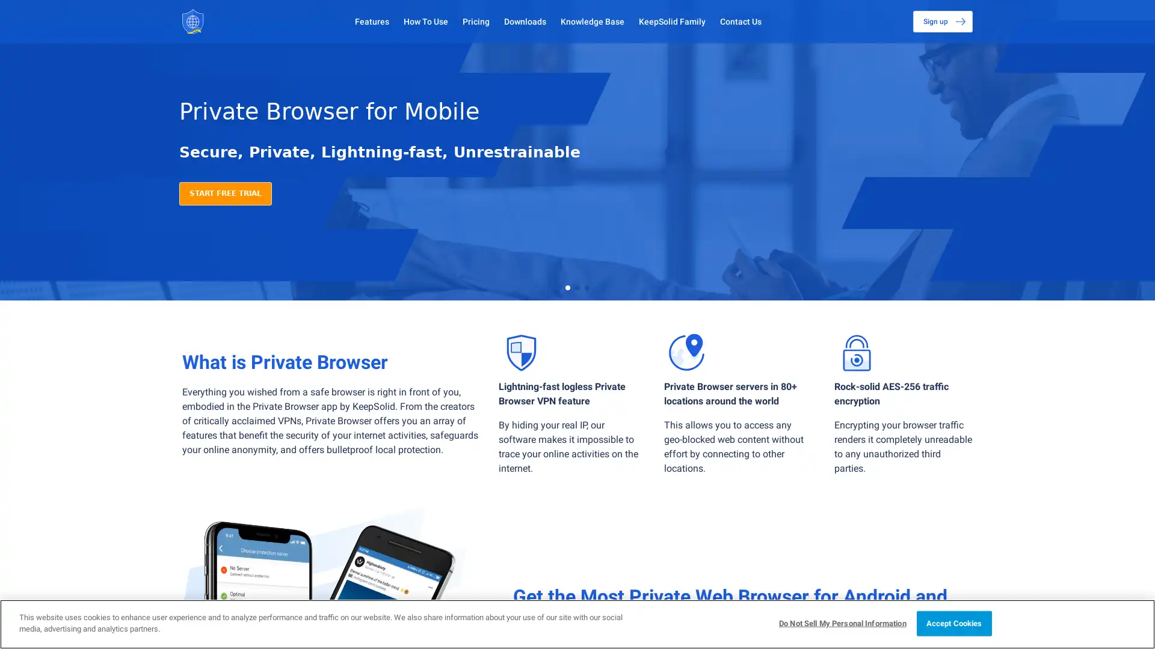  What do you see at coordinates (577, 287) in the screenshot?
I see `Go to slide 2` at bounding box center [577, 287].